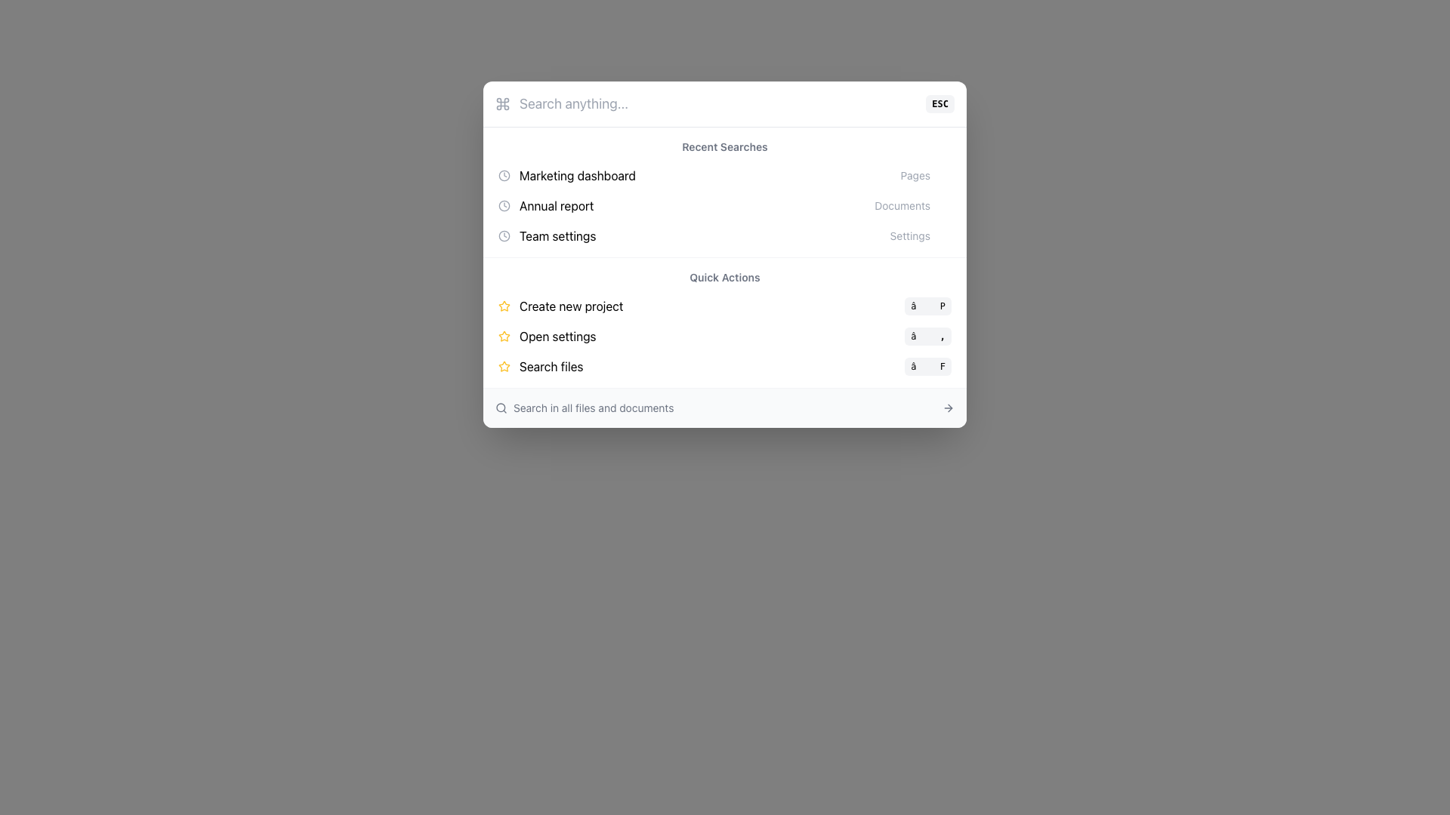  What do you see at coordinates (584, 407) in the screenshot?
I see `the descriptive label indicating search functionality located in the footer section of the search widget` at bounding box center [584, 407].